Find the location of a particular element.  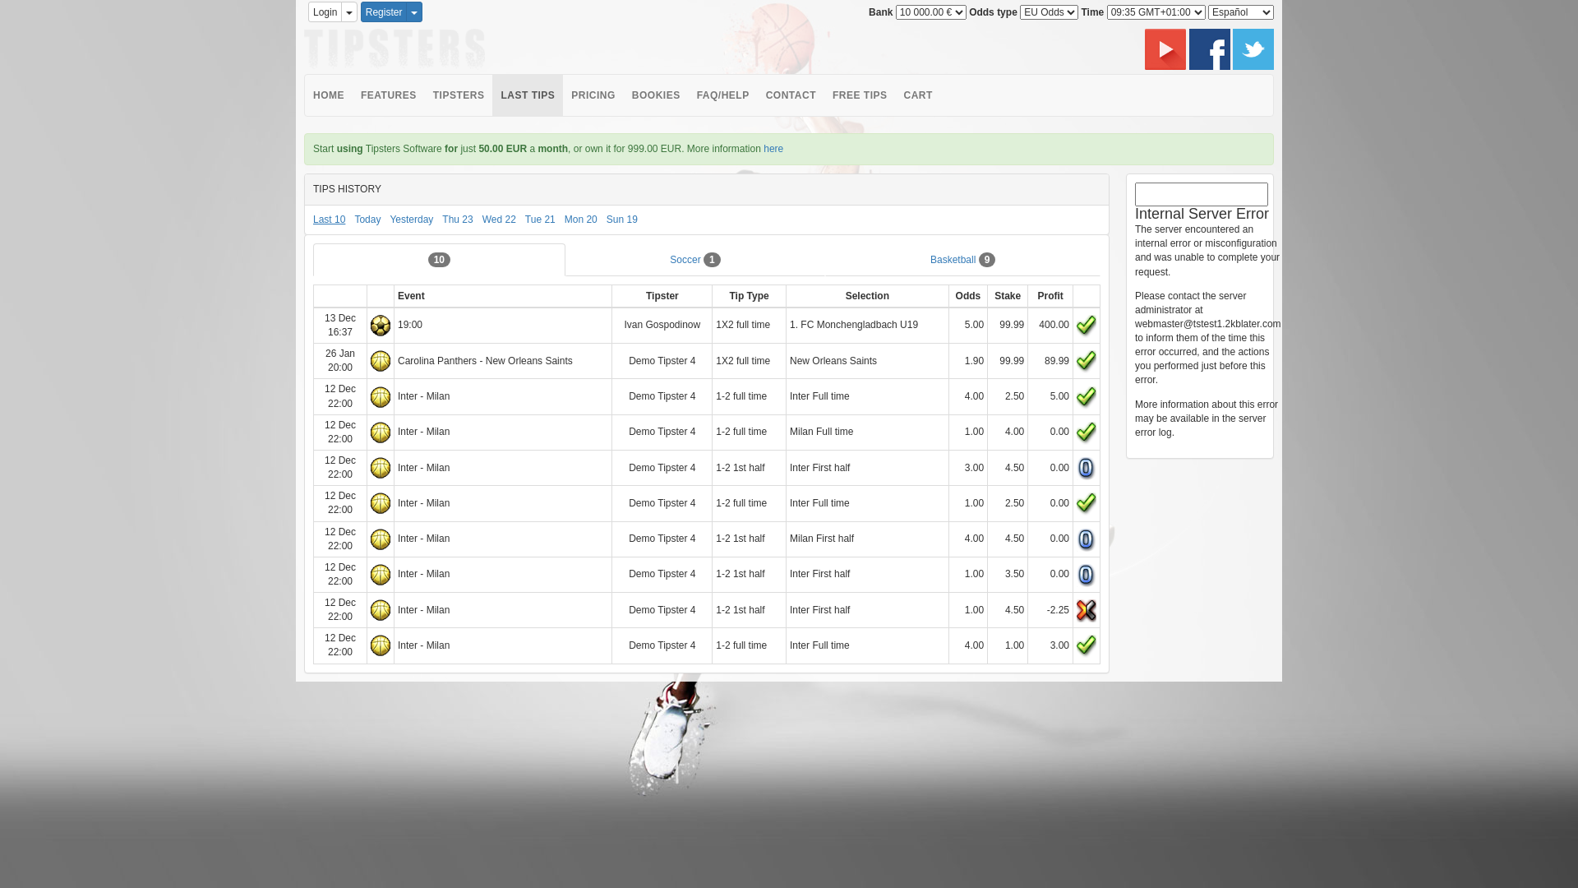

'Yesterday' is located at coordinates (411, 218).